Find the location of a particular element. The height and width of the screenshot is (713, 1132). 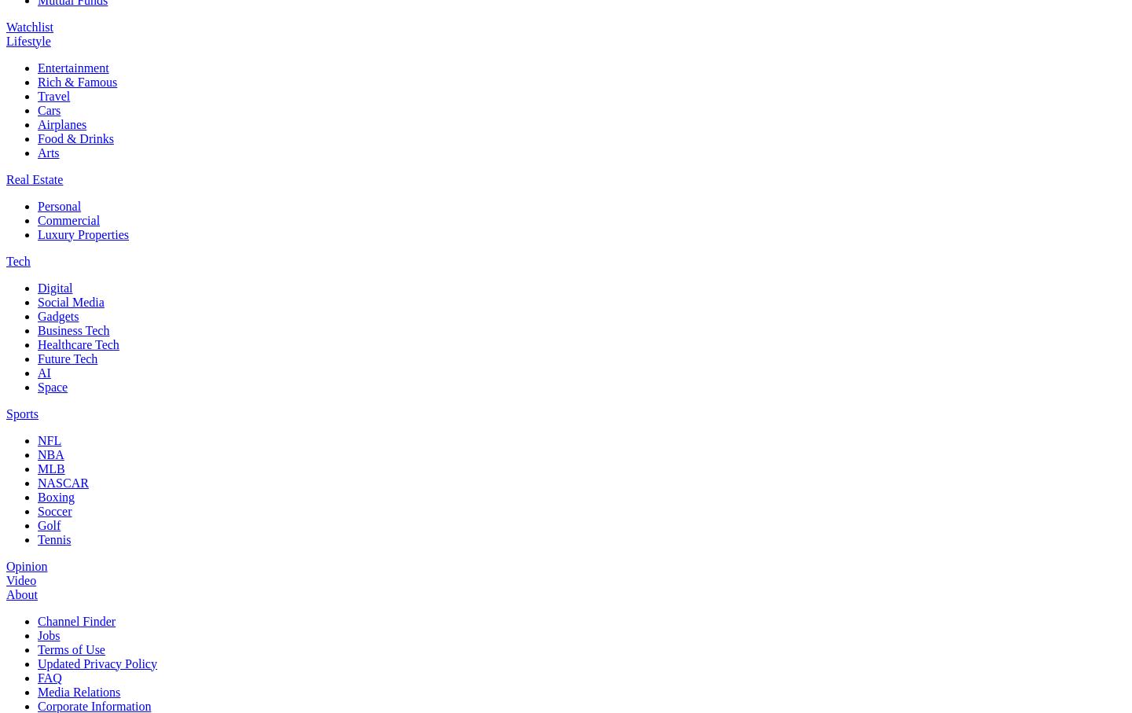

'Personal' is located at coordinates (59, 204).